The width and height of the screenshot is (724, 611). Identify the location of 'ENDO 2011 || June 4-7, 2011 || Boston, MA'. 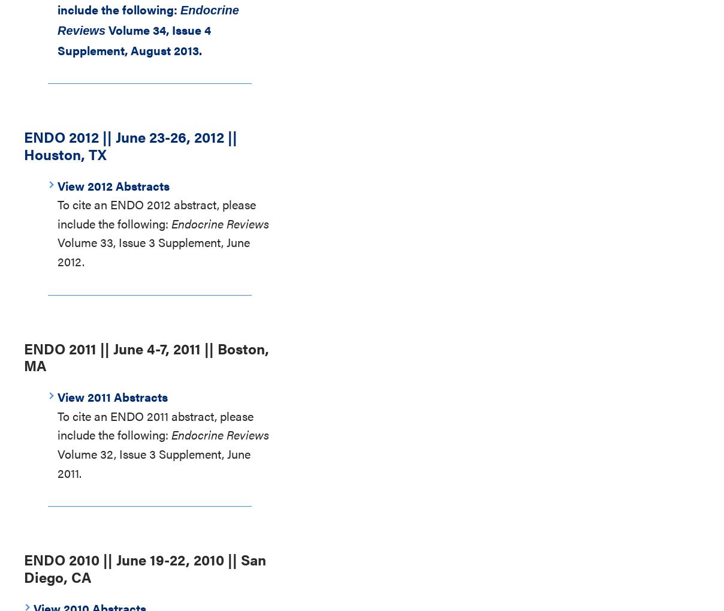
(146, 356).